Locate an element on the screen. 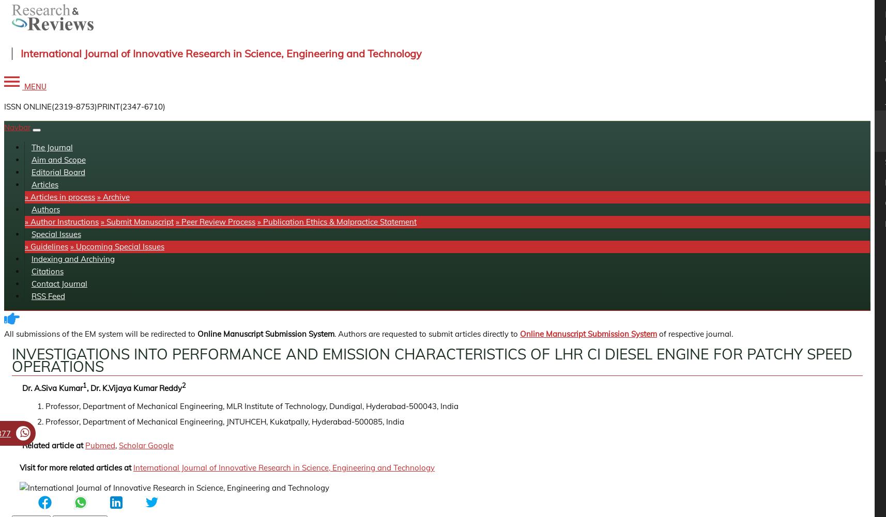  '» Archive' is located at coordinates (113, 196).